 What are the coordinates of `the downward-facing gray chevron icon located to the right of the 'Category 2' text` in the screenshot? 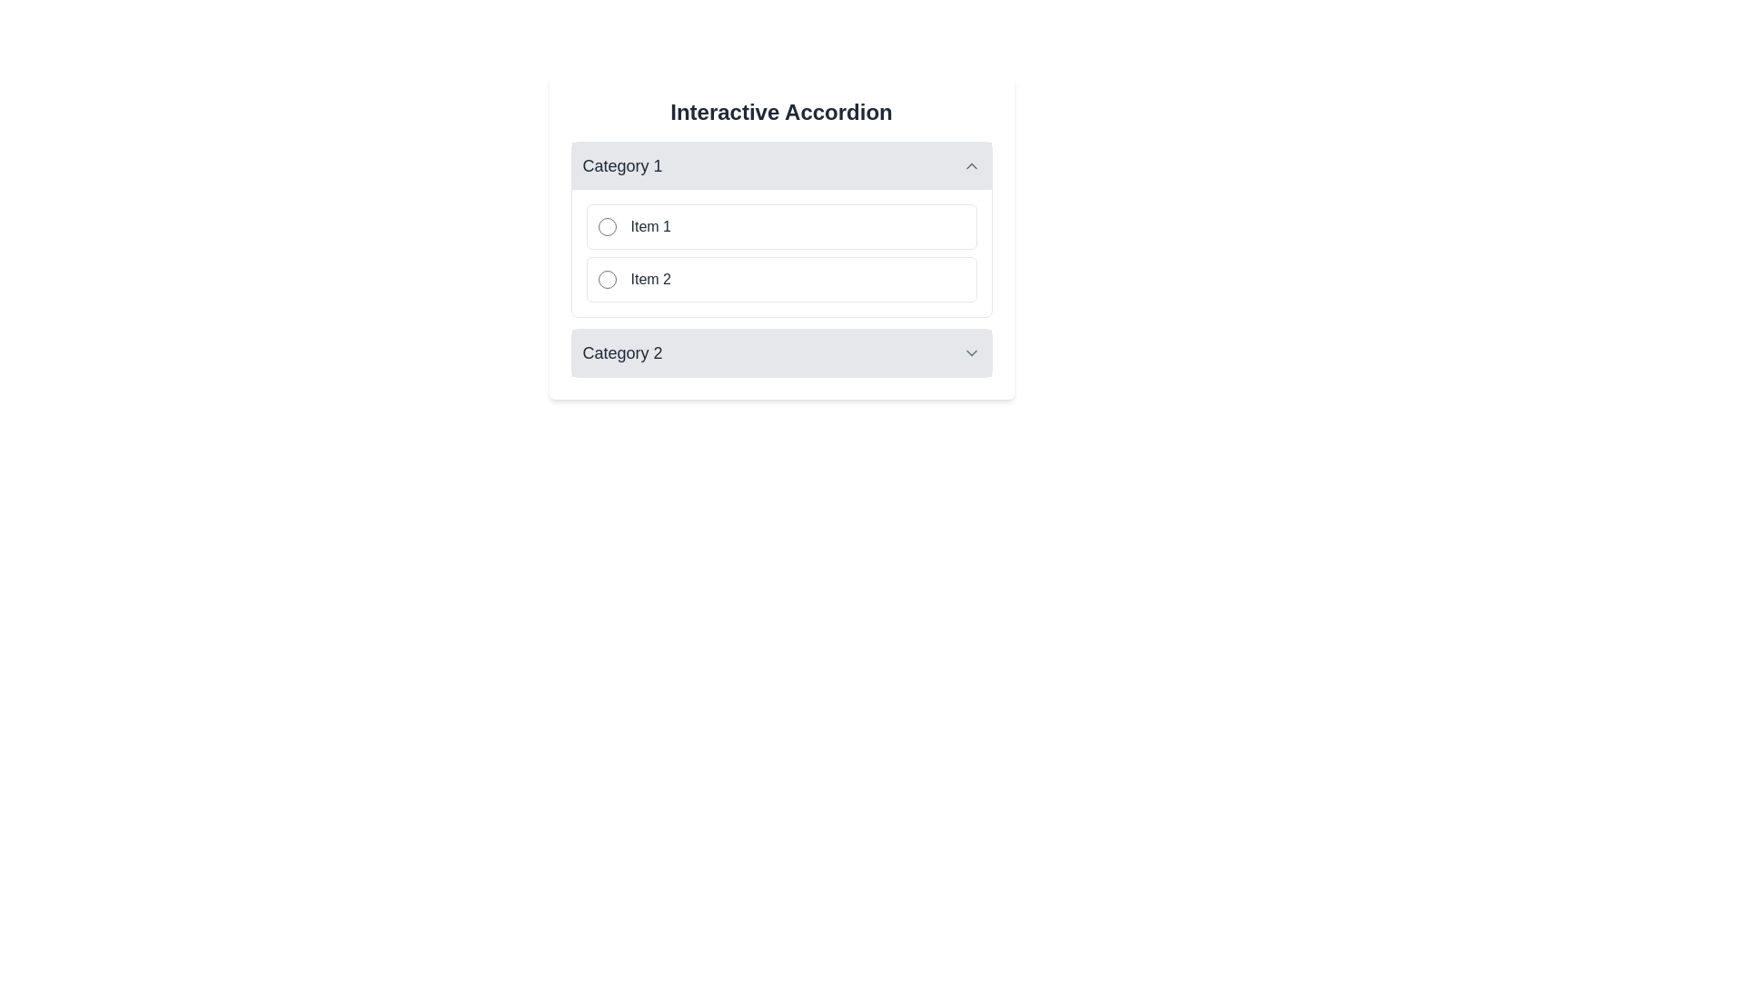 It's located at (970, 353).